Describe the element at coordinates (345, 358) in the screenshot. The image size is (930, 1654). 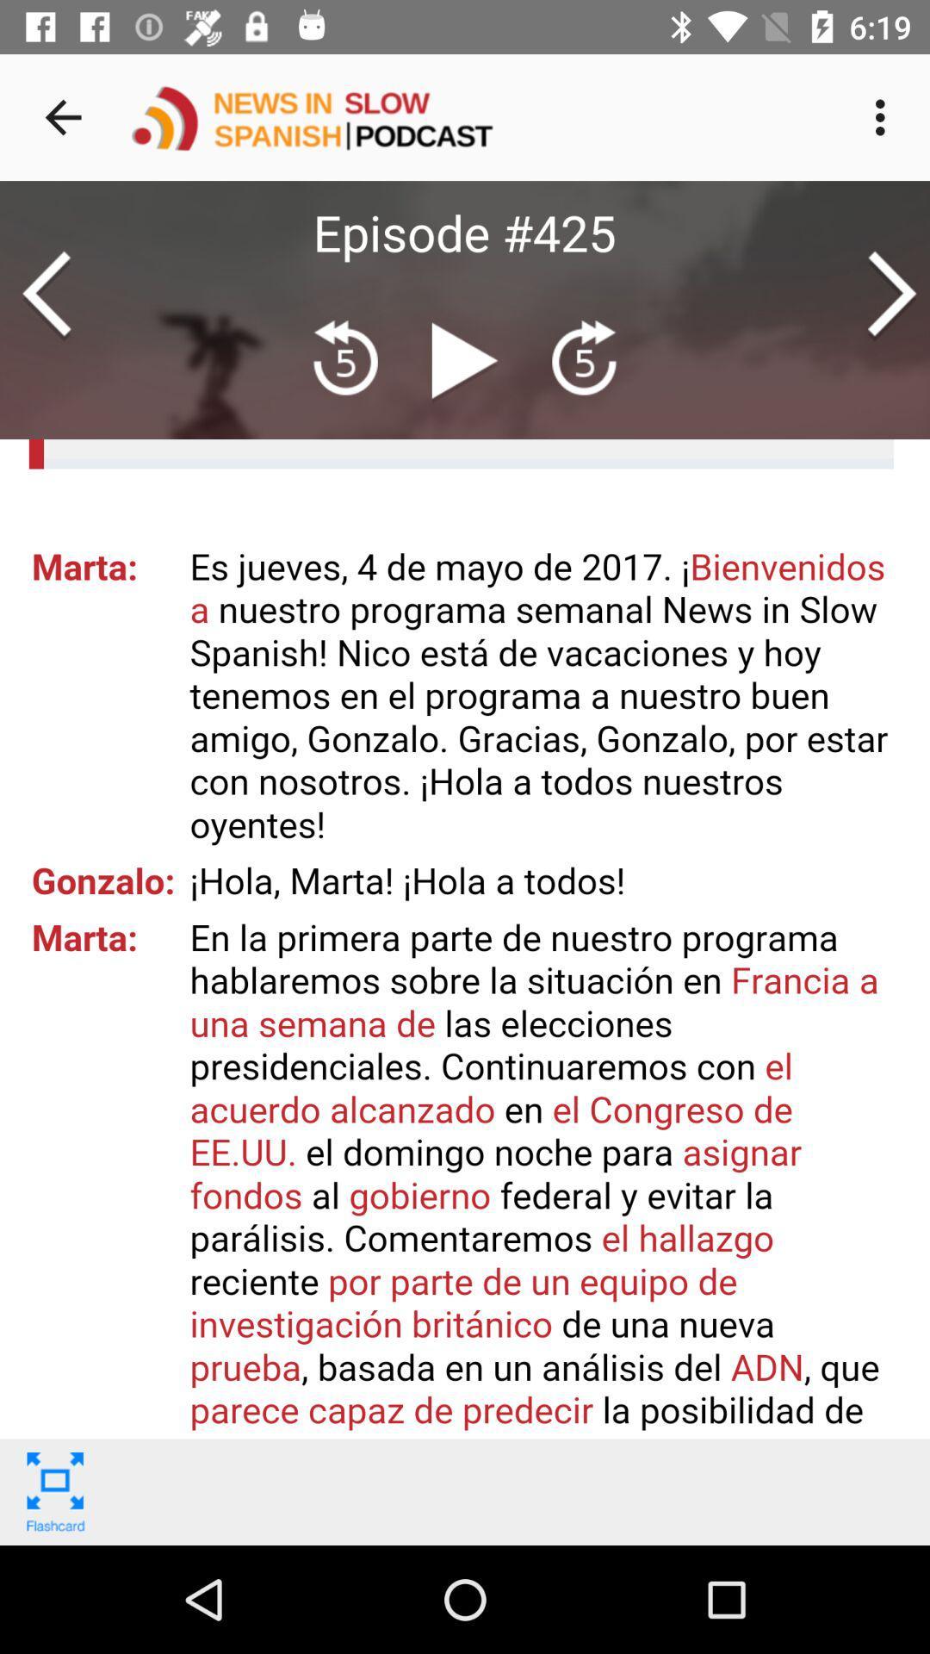
I see `the av_rewind icon` at that location.